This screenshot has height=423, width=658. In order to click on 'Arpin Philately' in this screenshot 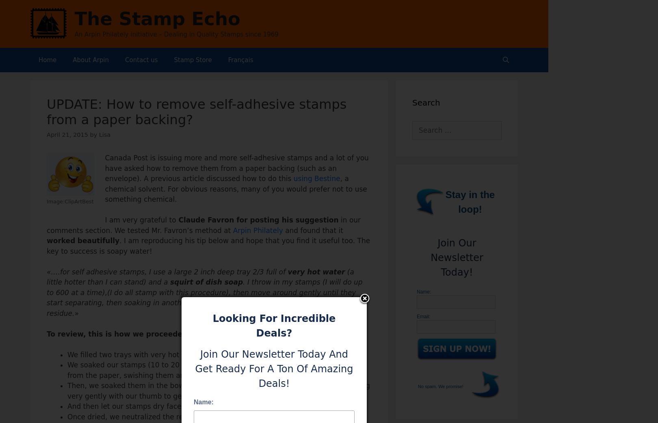, I will do `click(232, 229)`.